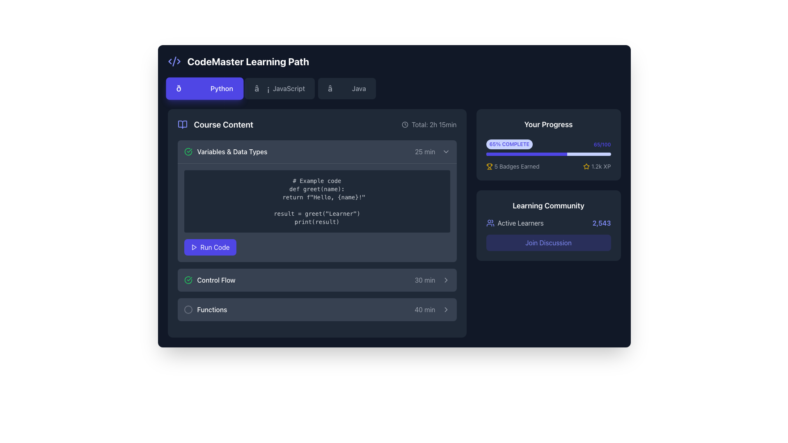  What do you see at coordinates (548, 242) in the screenshot?
I see `the 'Join Discussion' button, which is a light indigo rectangular button with rounded corners located in the bottom-right section of the interface, below the text showing '2,543' active learners` at bounding box center [548, 242].